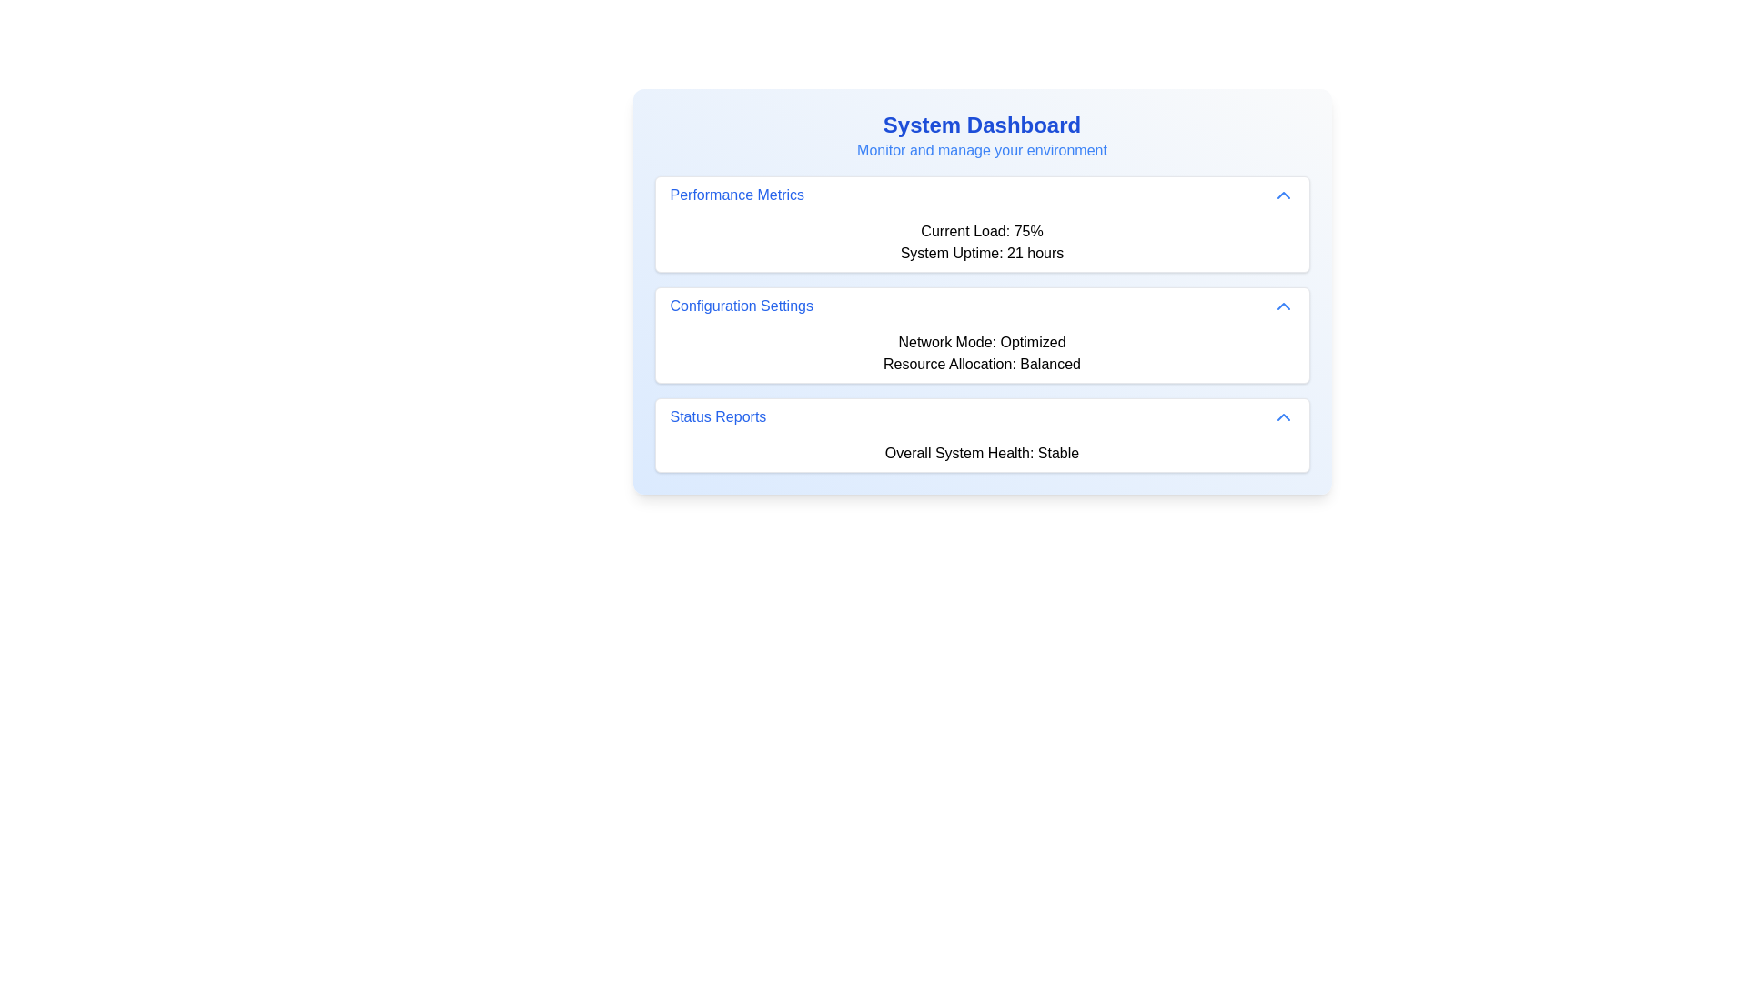 This screenshot has height=982, width=1747. What do you see at coordinates (1282, 195) in the screenshot?
I see `the blue upward-pointing chevron icon located on the right side of the 'Performance Metrics' header` at bounding box center [1282, 195].